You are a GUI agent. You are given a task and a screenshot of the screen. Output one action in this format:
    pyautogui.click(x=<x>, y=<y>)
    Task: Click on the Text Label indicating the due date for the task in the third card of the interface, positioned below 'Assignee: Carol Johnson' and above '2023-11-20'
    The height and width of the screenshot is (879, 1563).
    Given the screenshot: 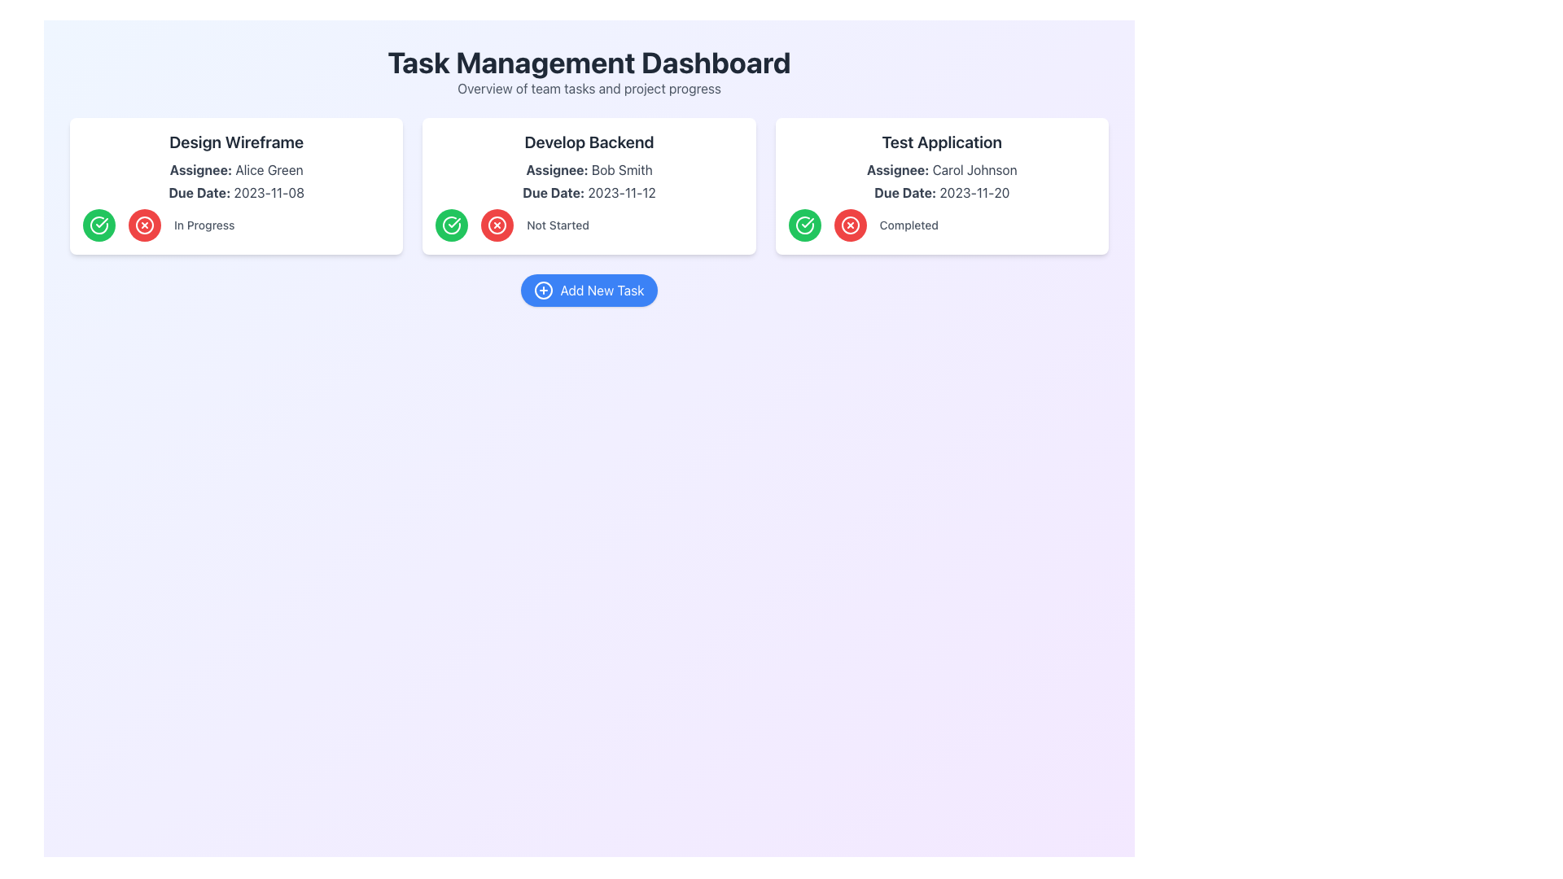 What is the action you would take?
    pyautogui.click(x=904, y=191)
    